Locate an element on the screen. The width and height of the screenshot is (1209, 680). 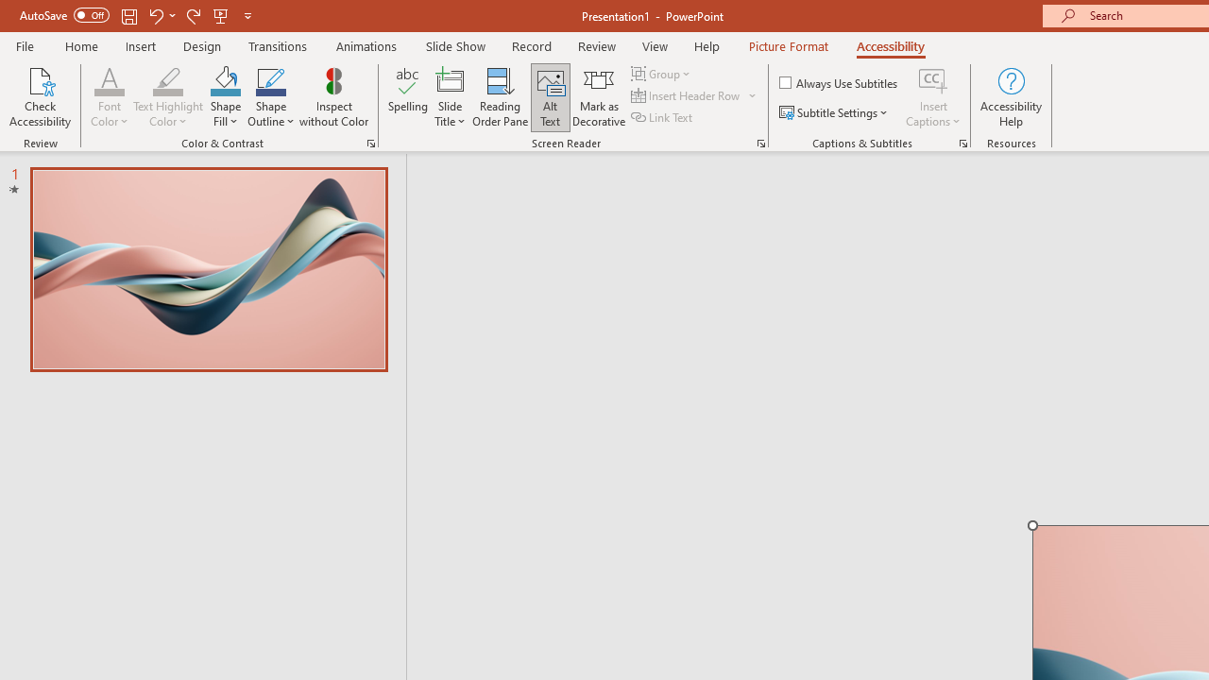
'Inspect without Color' is located at coordinates (333, 97).